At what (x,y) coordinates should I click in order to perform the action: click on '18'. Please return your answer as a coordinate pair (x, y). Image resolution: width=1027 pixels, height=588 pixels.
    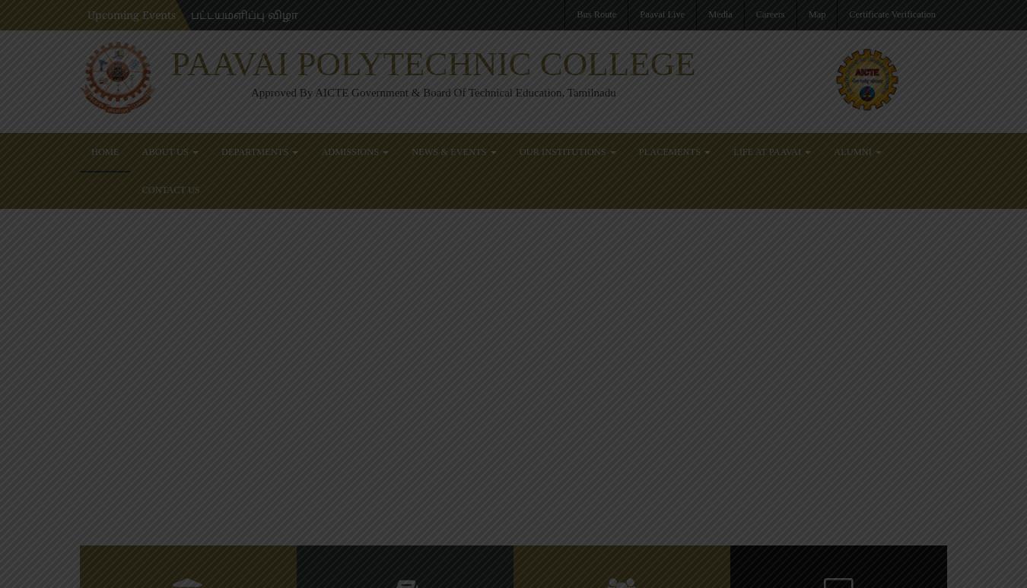
    Looking at the image, I should click on (711, 536).